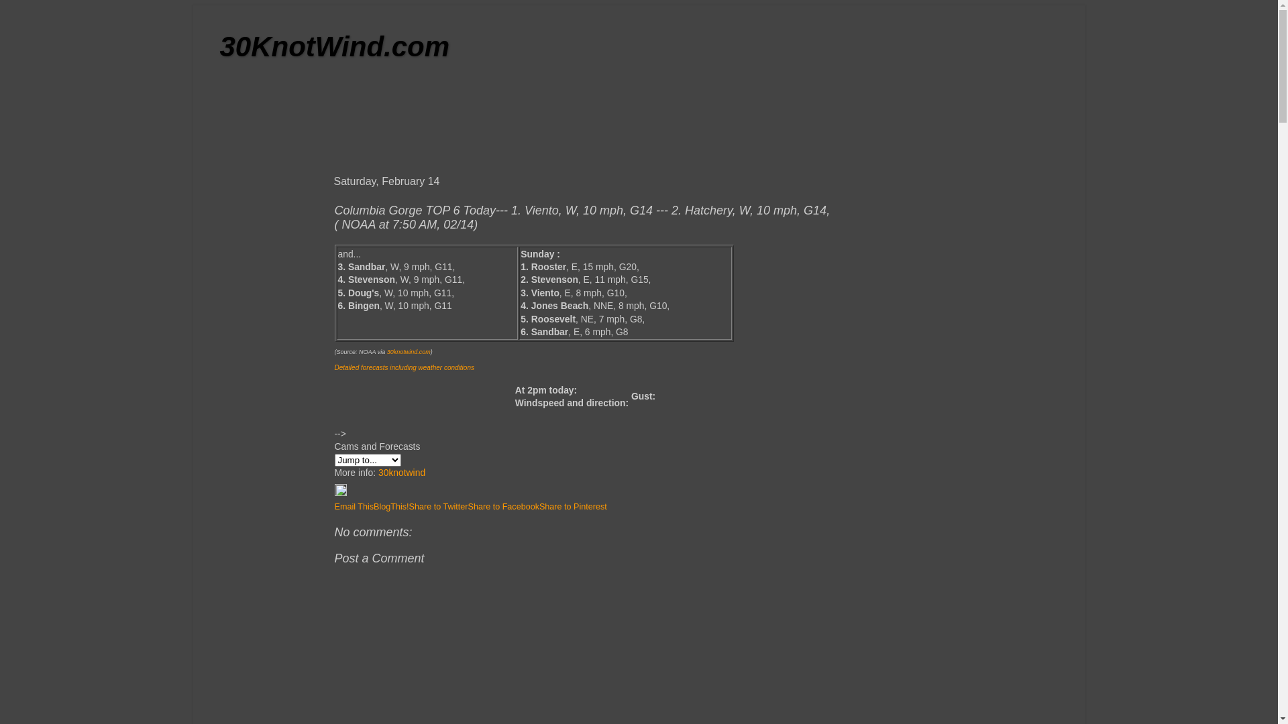 The height and width of the screenshot is (724, 1288). I want to click on '30knotwind.com', so click(408, 351).